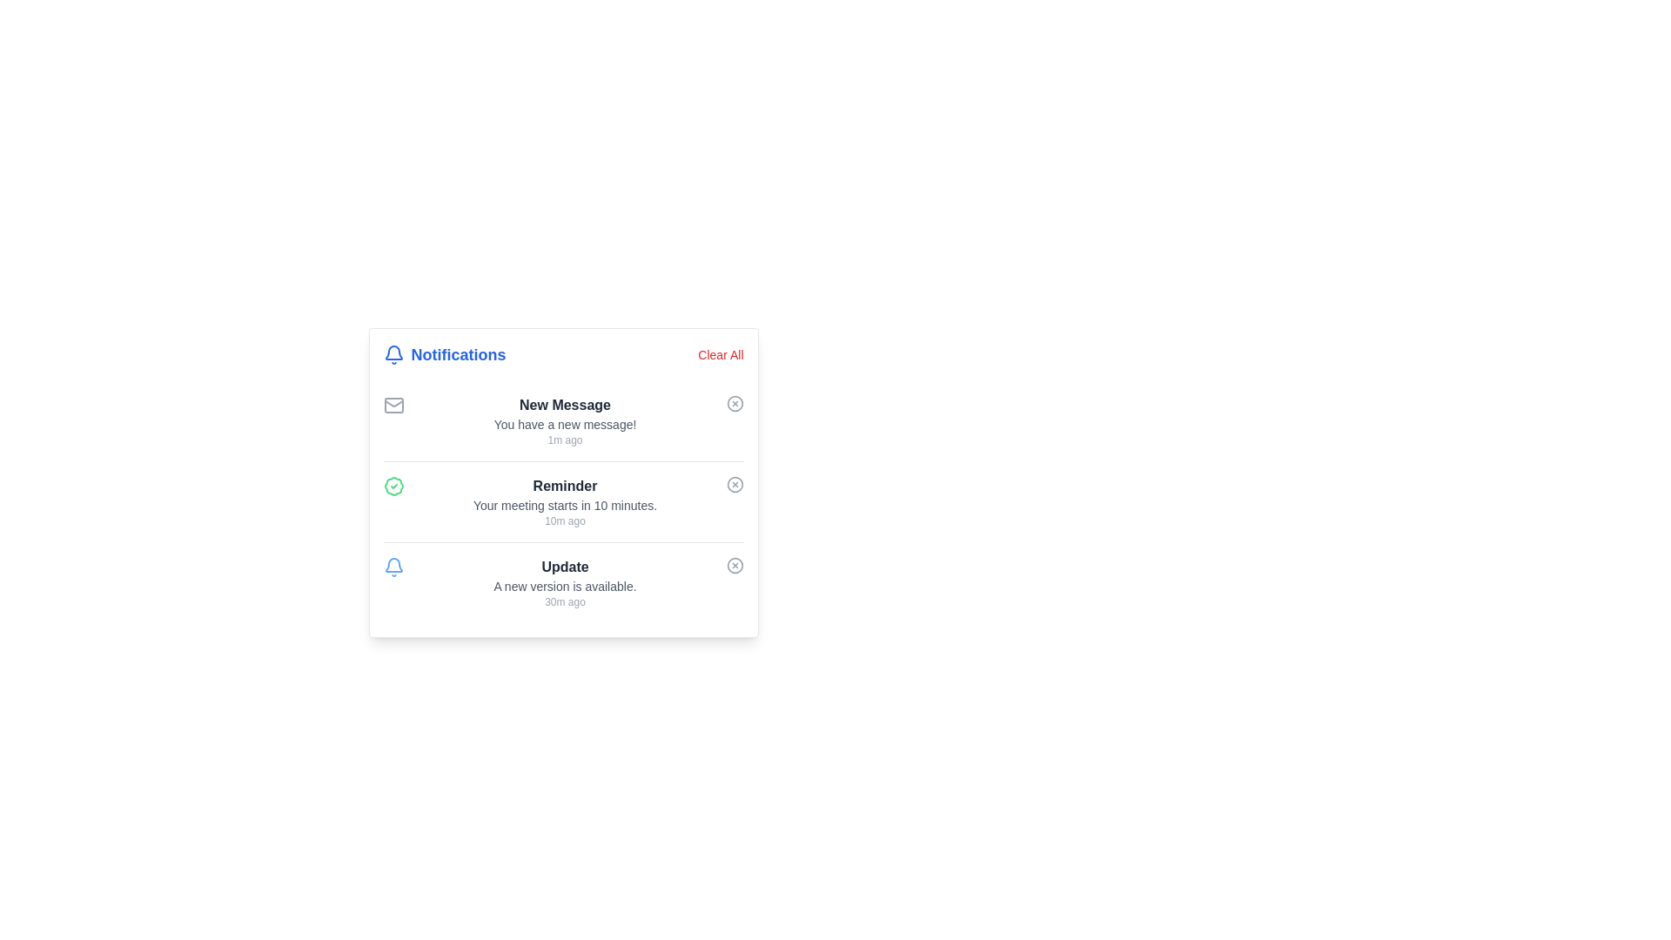 This screenshot has width=1671, height=940. Describe the element at coordinates (393, 567) in the screenshot. I see `bell icon representing notifications related to the 'Update' message, which is located on the left side of the notification entry for updates` at that location.